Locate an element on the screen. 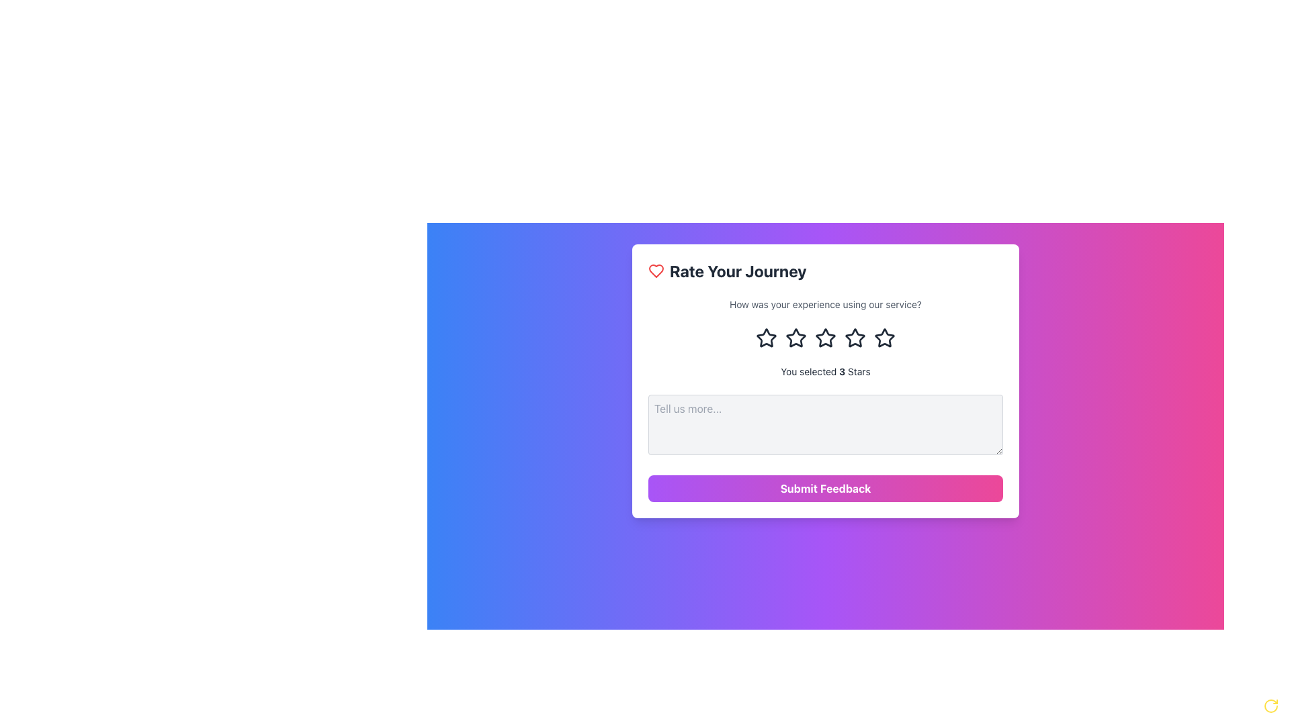 The height and width of the screenshot is (725, 1290). the first star icon in the horizontal row of five rating stars is located at coordinates (767, 338).